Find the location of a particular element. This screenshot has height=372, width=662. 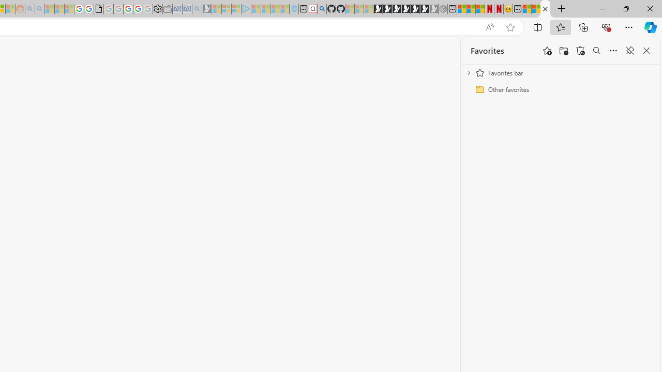

'Minimize' is located at coordinates (602, 8).